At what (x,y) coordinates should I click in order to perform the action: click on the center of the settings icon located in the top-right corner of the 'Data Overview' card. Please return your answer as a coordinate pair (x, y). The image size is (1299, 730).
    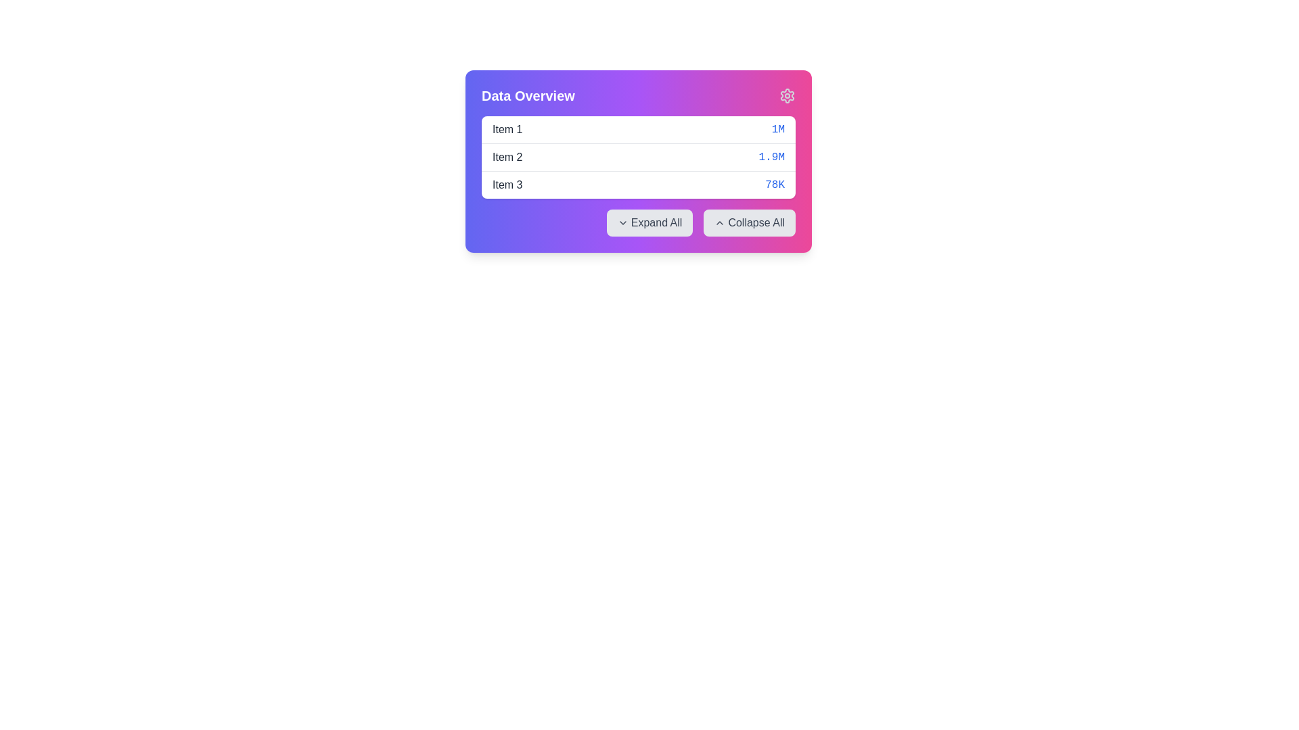
    Looking at the image, I should click on (787, 95).